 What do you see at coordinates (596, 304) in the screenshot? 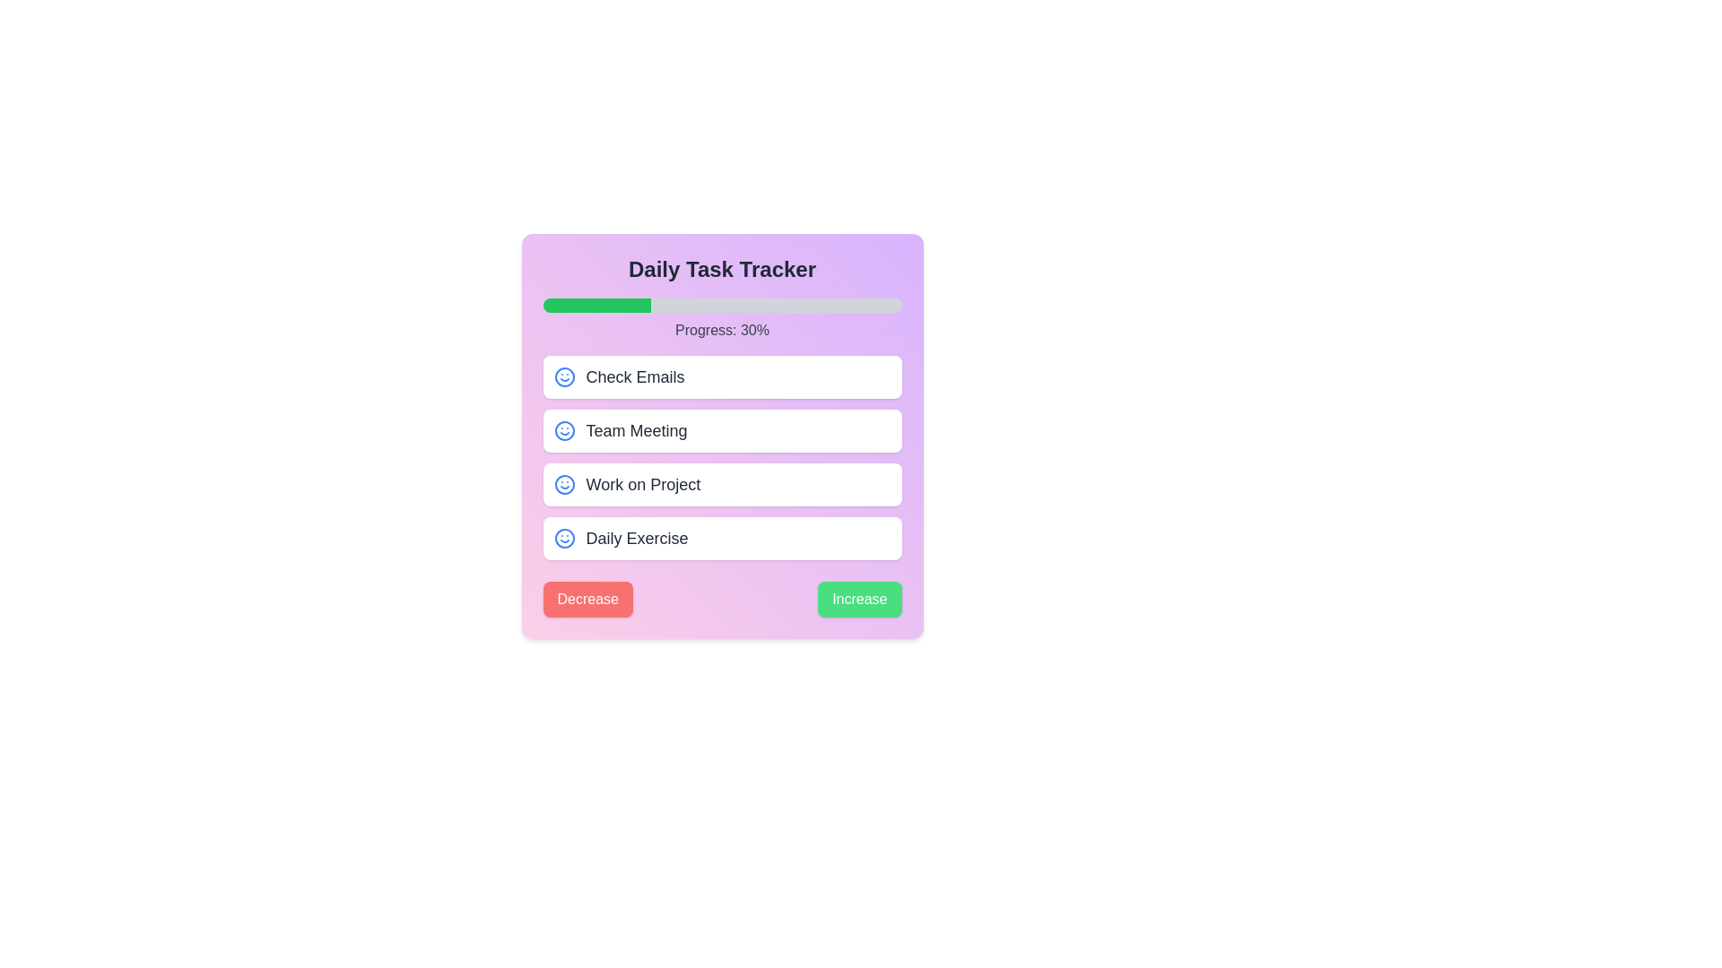
I see `the filled portion of the progress bar that indicates completed progress in the task tracker interface` at bounding box center [596, 304].